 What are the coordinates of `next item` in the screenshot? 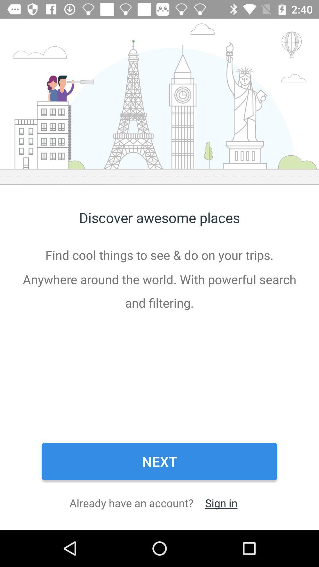 It's located at (159, 461).